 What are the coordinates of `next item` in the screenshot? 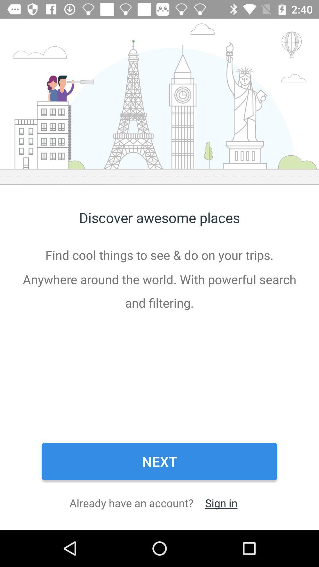 It's located at (159, 461).